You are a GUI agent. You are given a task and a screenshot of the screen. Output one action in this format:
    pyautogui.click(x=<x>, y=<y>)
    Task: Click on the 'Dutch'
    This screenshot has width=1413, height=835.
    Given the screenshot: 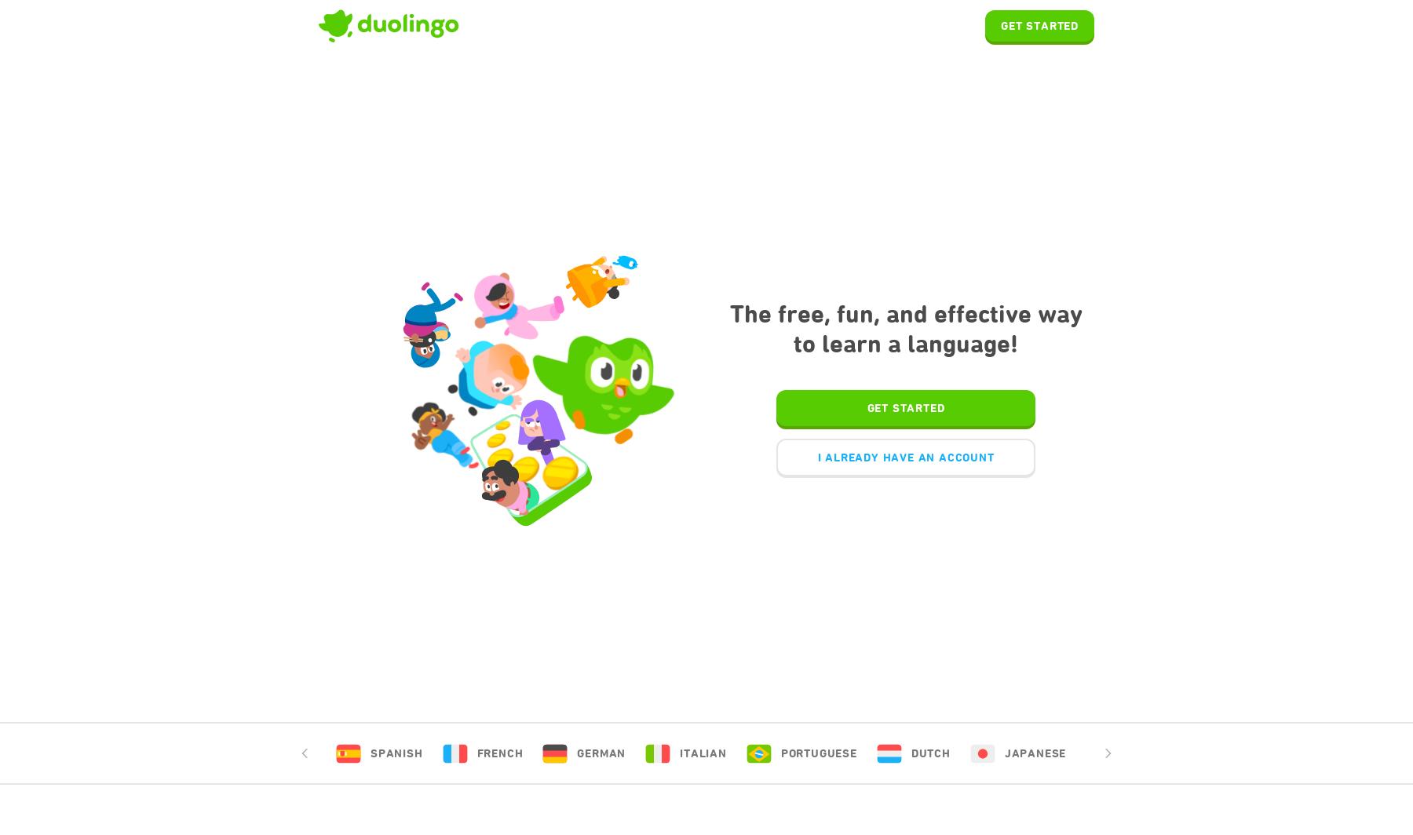 What is the action you would take?
    pyautogui.click(x=929, y=753)
    